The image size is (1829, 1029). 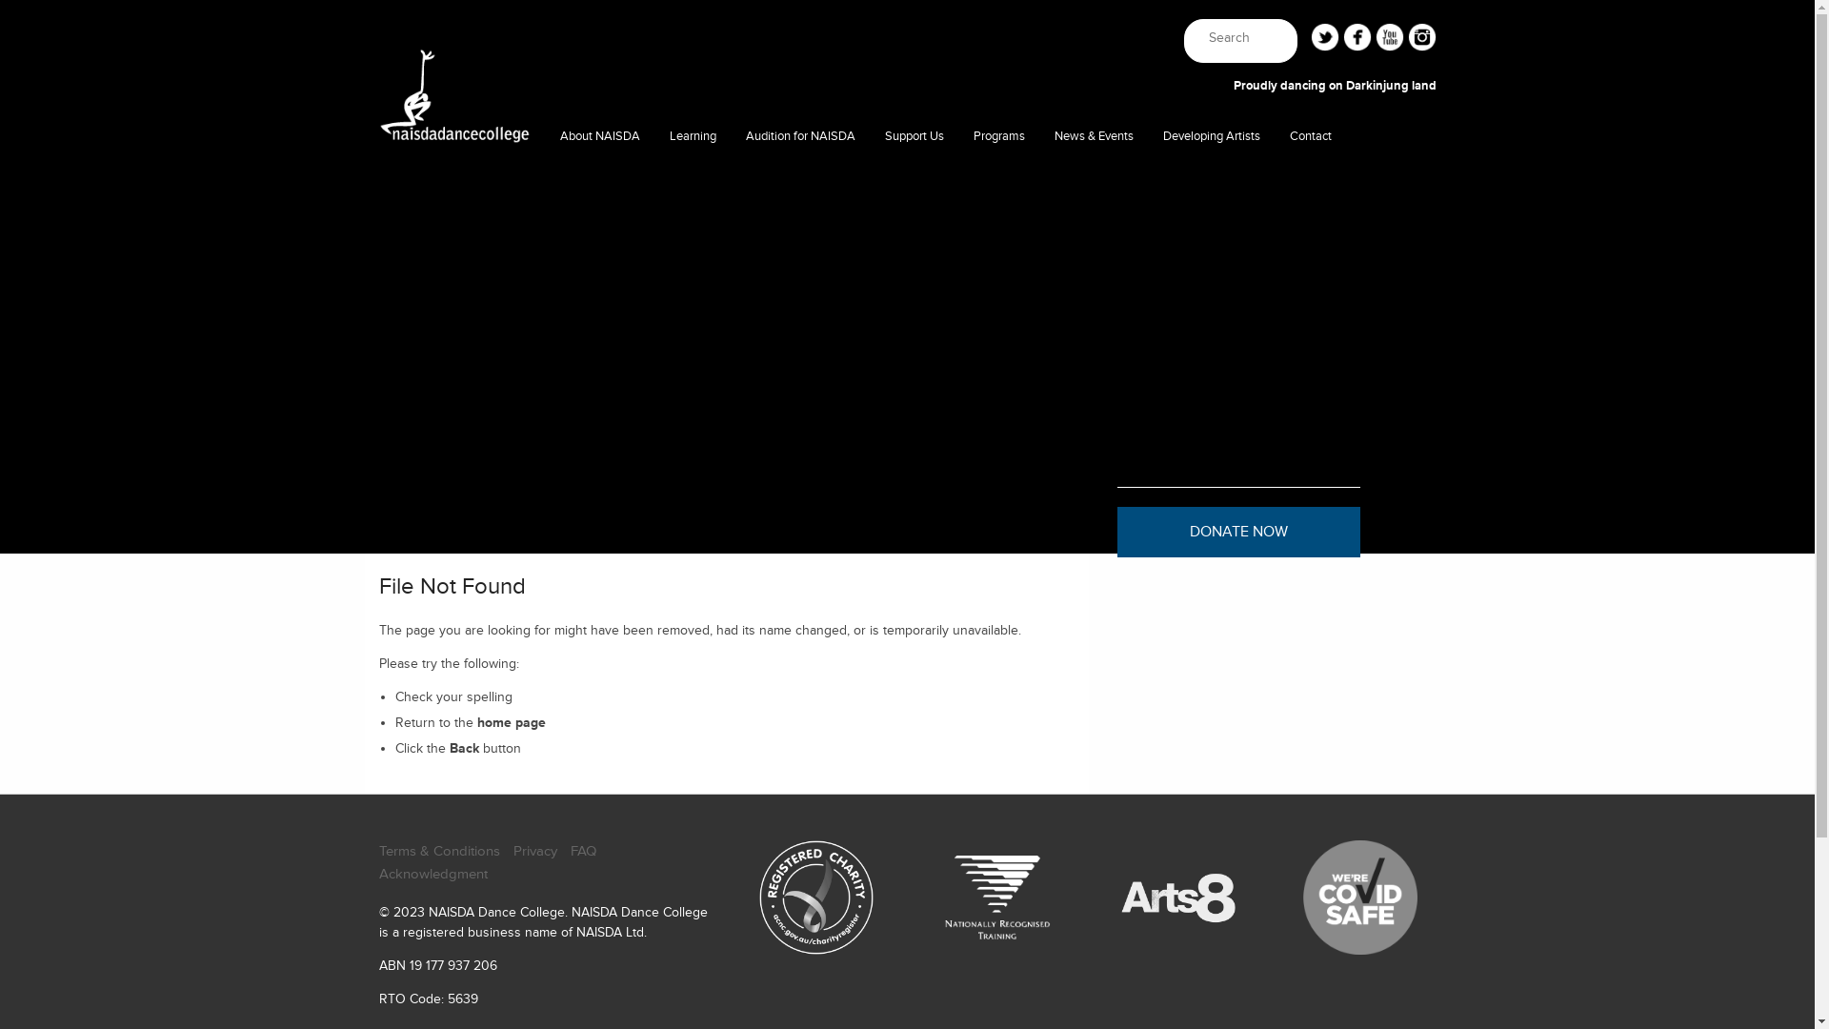 What do you see at coordinates (692, 135) in the screenshot?
I see `'Learning'` at bounding box center [692, 135].